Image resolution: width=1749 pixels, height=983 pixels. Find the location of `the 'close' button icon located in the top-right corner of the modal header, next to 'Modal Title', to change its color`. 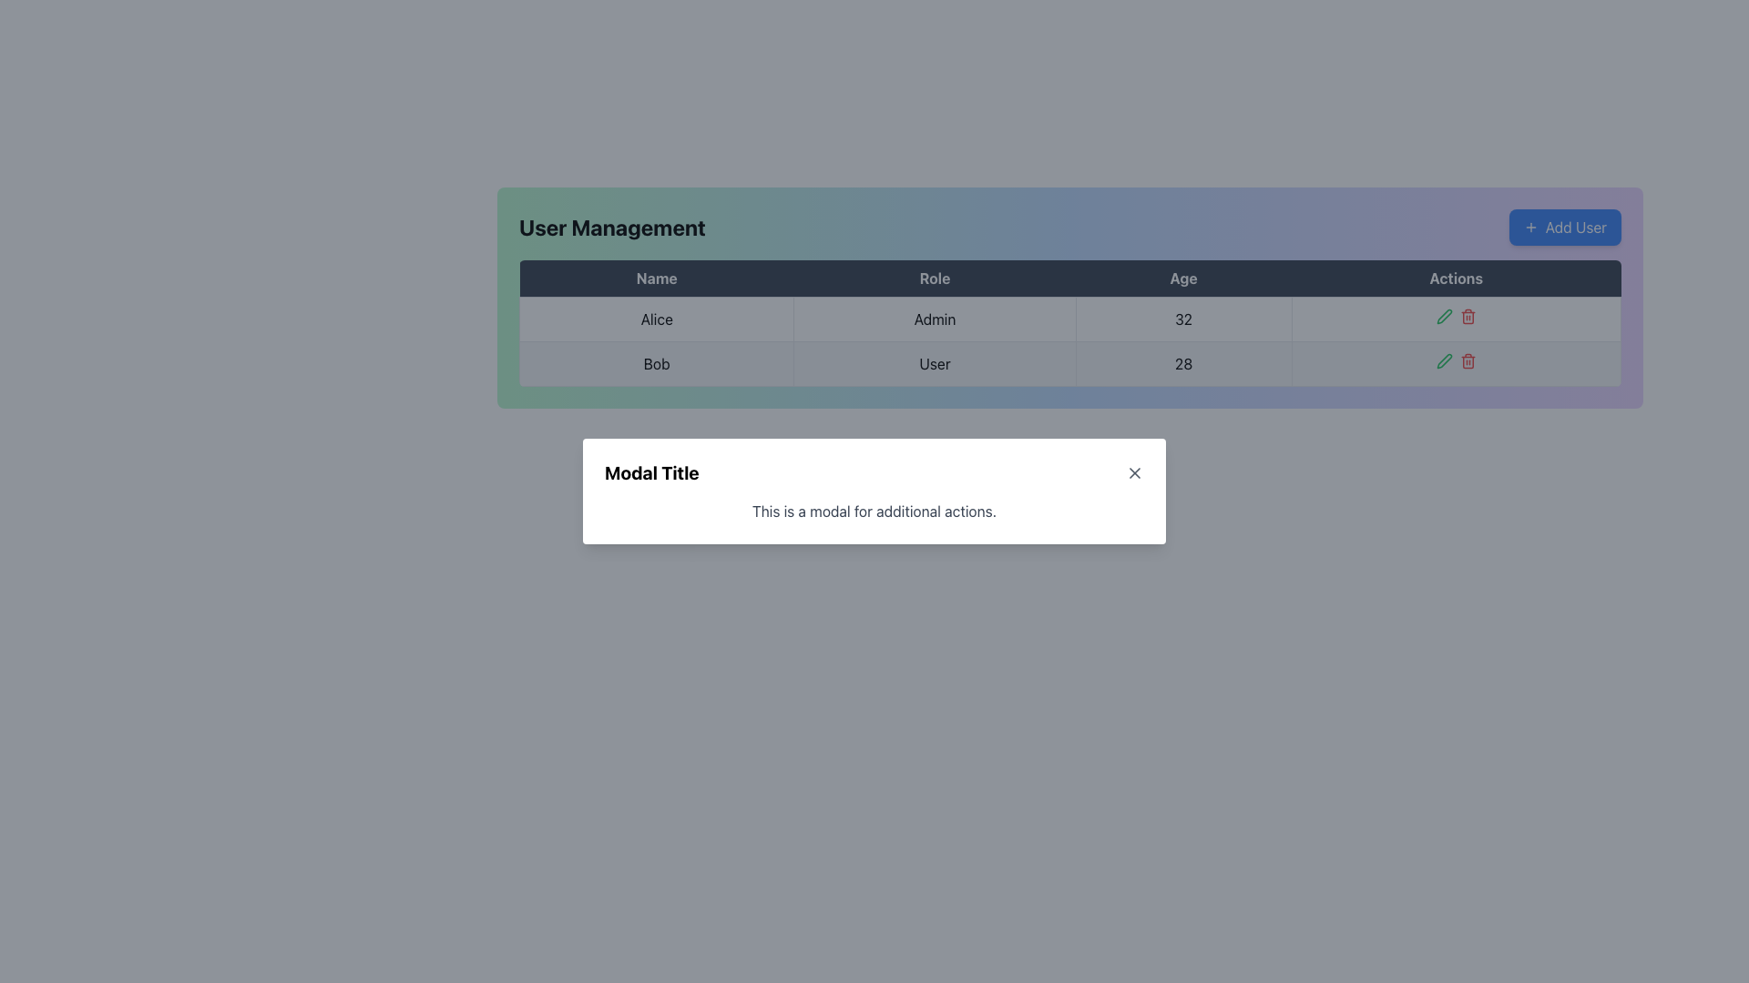

the 'close' button icon located in the top-right corner of the modal header, next to 'Modal Title', to change its color is located at coordinates (1133, 472).